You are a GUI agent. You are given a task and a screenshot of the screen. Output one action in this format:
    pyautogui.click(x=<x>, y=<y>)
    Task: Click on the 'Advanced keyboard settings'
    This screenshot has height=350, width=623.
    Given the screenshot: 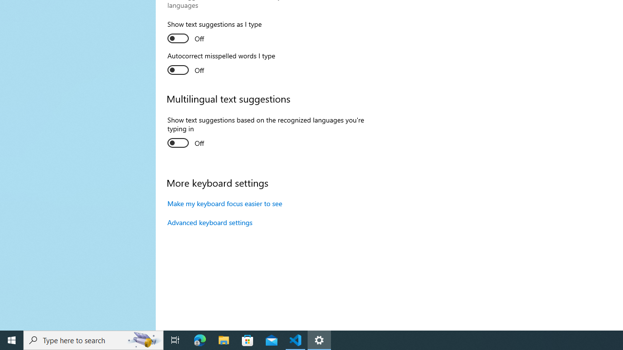 What is the action you would take?
    pyautogui.click(x=209, y=222)
    